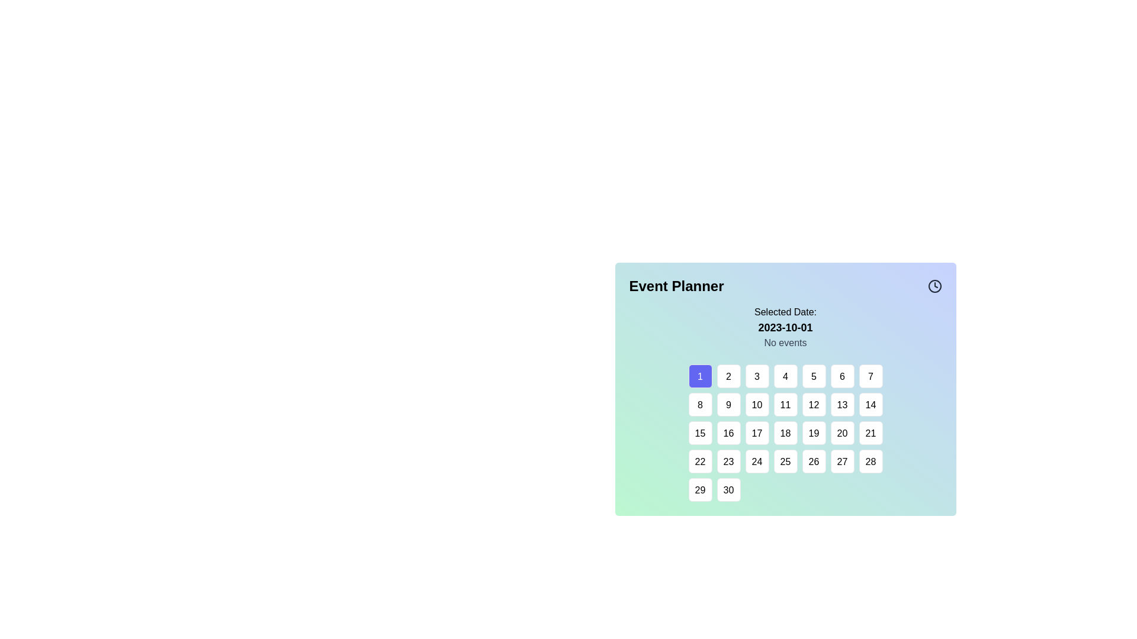  What do you see at coordinates (756, 460) in the screenshot?
I see `the button representing the date '24' in the calendar` at bounding box center [756, 460].